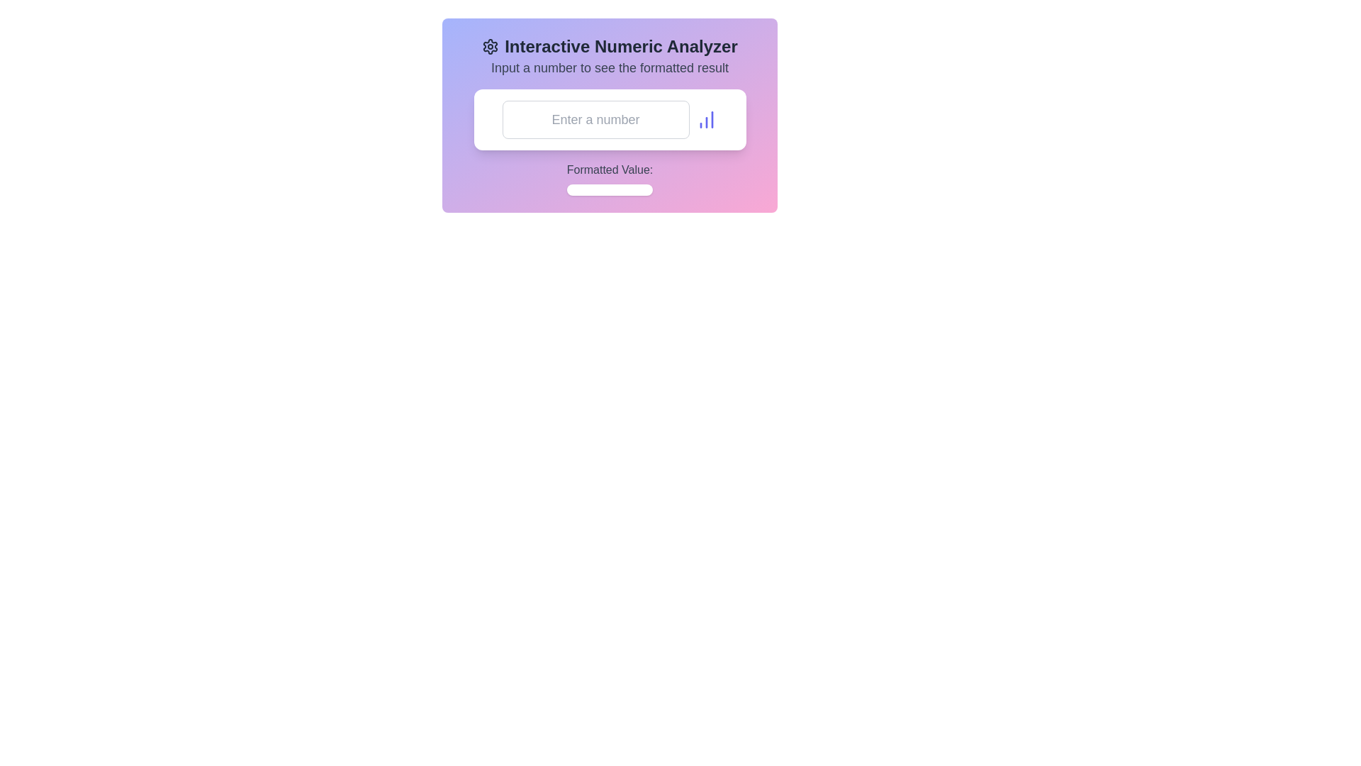 The height and width of the screenshot is (766, 1361). What do you see at coordinates (491, 45) in the screenshot?
I see `the gear icon, which is styled as an SVG representation and is located near the top of the interface to the left of the title text 'Interactive Numeric Analyzer'` at bounding box center [491, 45].